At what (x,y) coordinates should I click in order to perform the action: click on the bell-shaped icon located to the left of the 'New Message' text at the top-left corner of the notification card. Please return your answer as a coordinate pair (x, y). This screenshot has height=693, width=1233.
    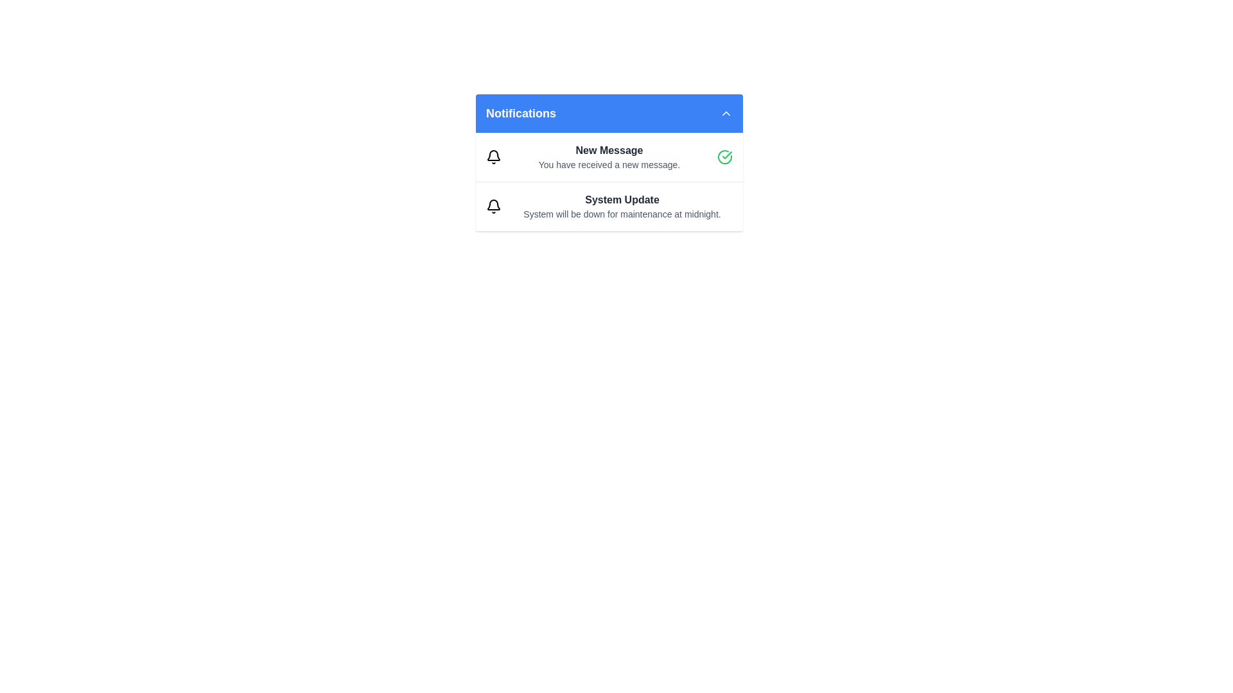
    Looking at the image, I should click on (493, 157).